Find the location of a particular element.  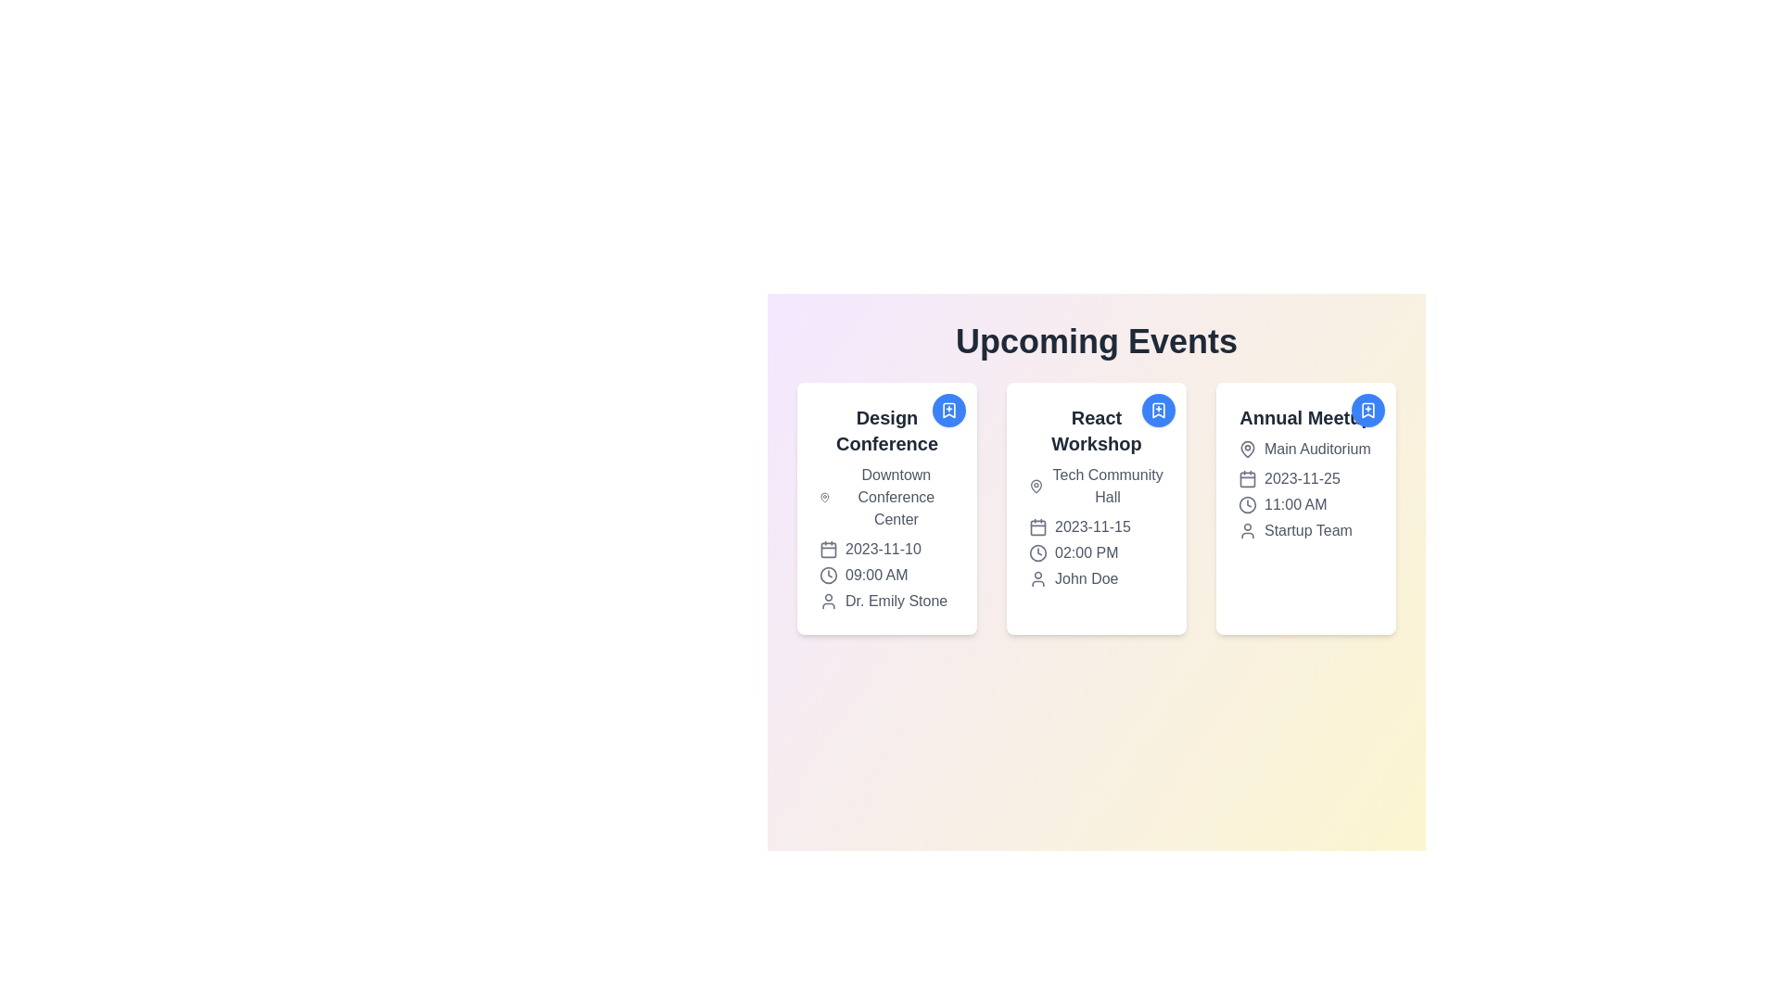

the map pin icon, which is a light gray vector graphic located to the left of the 'Downtown Conference Center' text in the first event card of the 'Upcoming Events' section is located at coordinates (823, 496).